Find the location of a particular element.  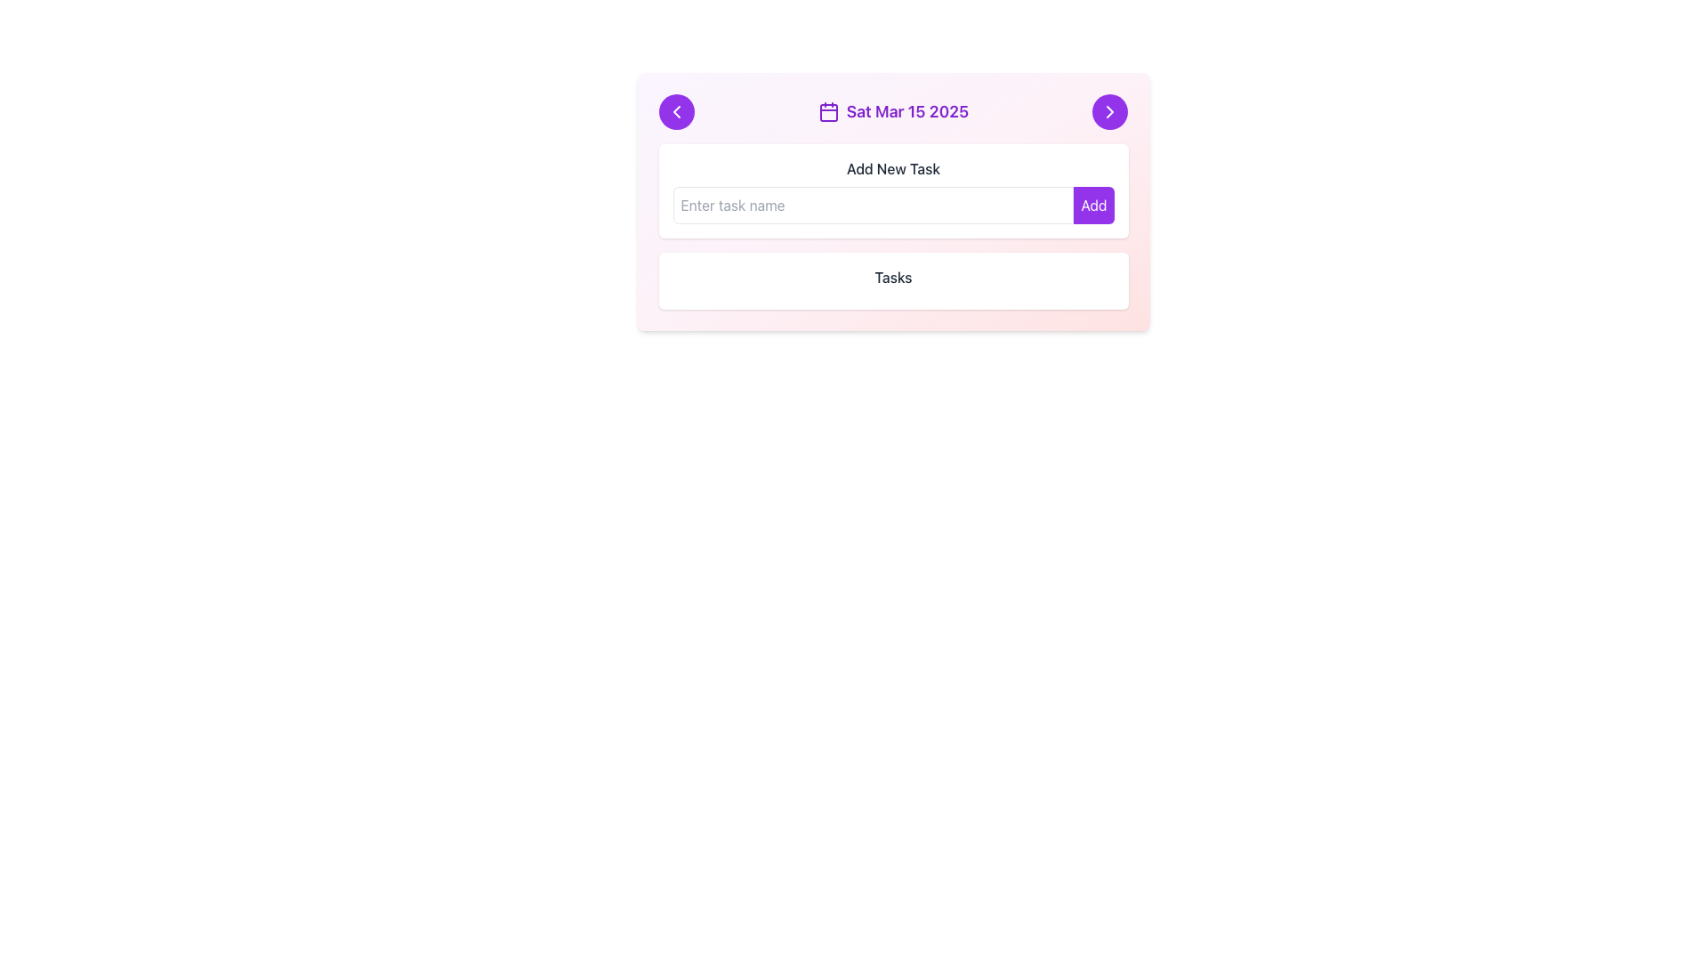

the 'Add New Task' text label, which is a medium-bold, gray-colored label centered above the input field and 'Add' button is located at coordinates (893, 168).